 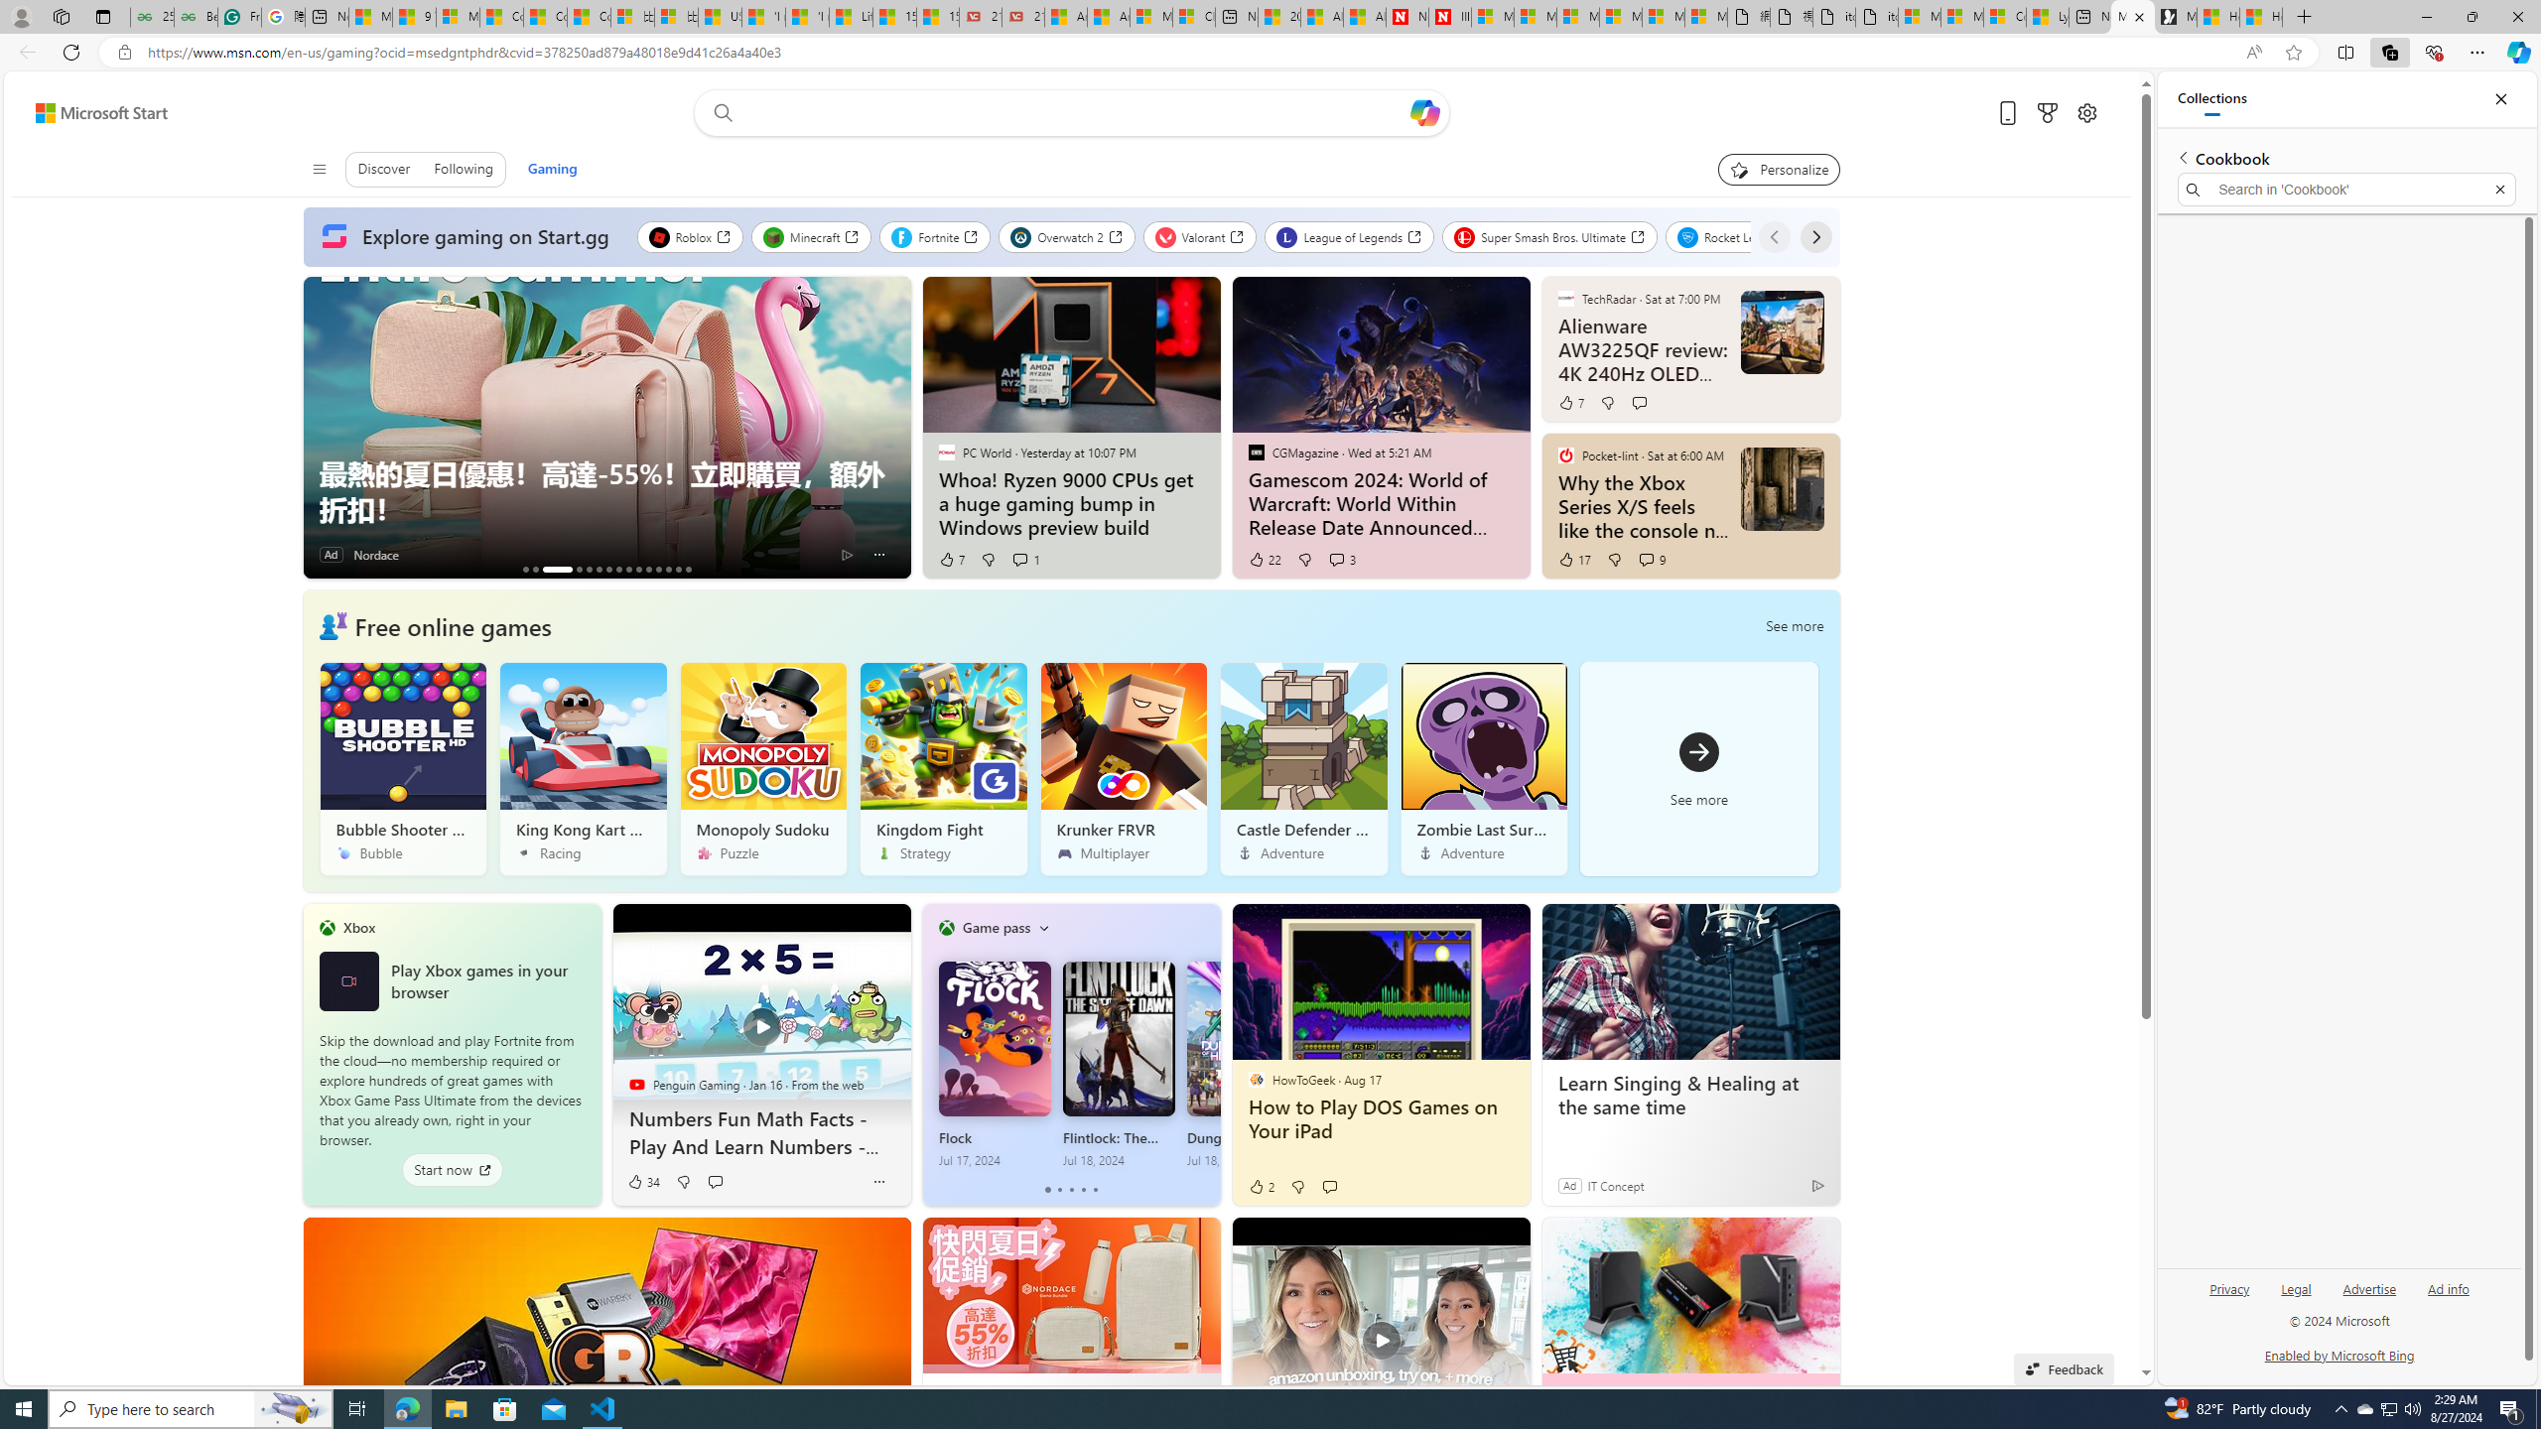 I want to click on 'Privacy', so click(x=2229, y=1288).